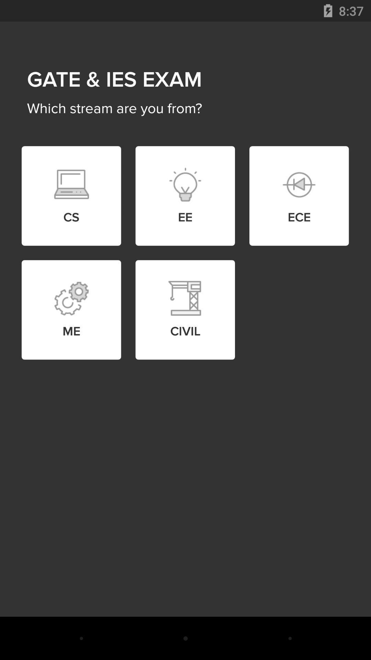 Image resolution: width=371 pixels, height=660 pixels. What do you see at coordinates (71, 185) in the screenshot?
I see `the text that reads cs` at bounding box center [71, 185].